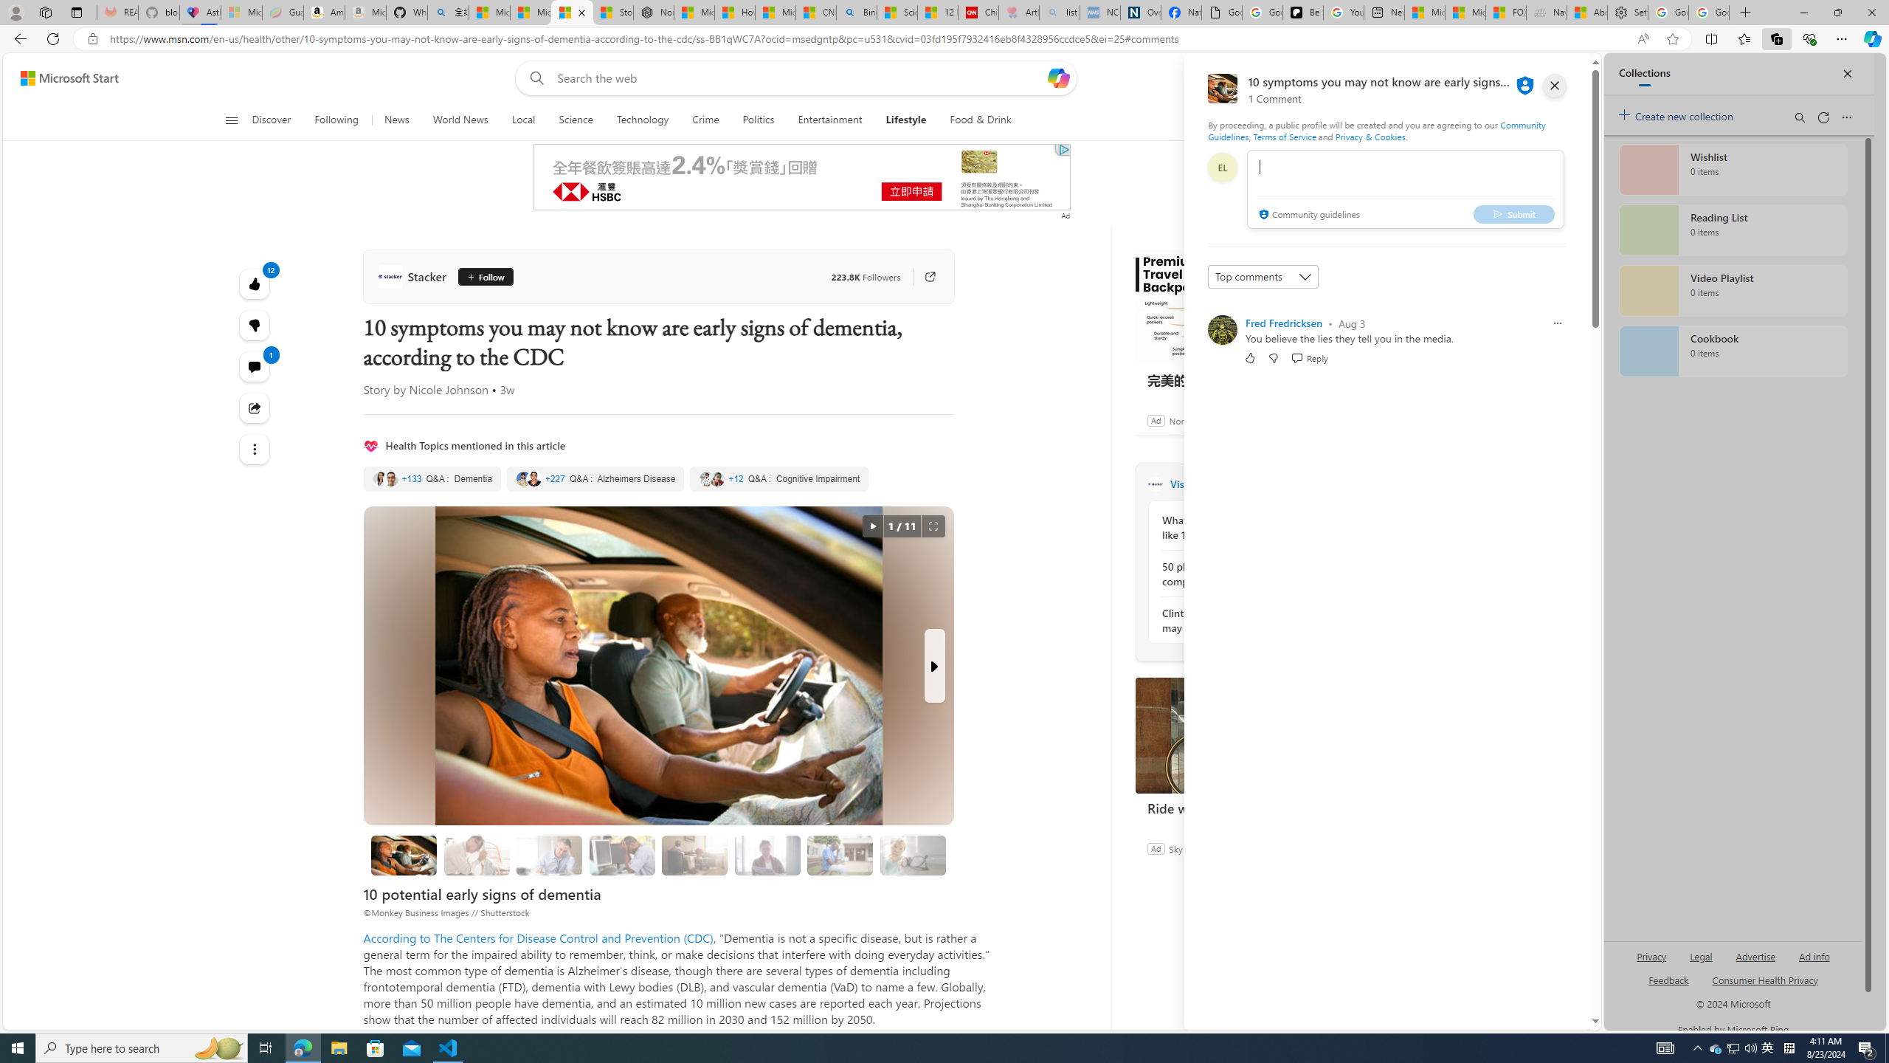 This screenshot has width=1889, height=1063. What do you see at coordinates (595, 478) in the screenshot?
I see `'Alzheimers Disease'` at bounding box center [595, 478].